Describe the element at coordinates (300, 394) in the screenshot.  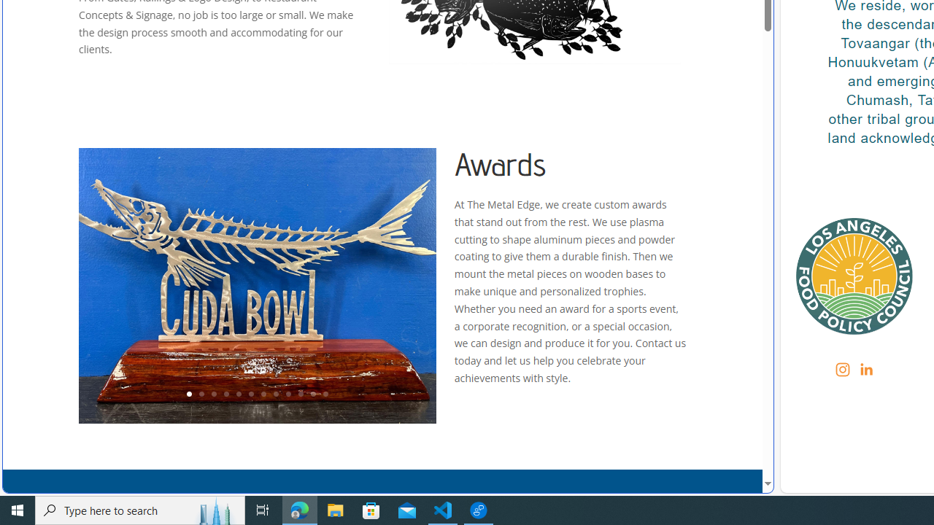
I see `'10'` at that location.